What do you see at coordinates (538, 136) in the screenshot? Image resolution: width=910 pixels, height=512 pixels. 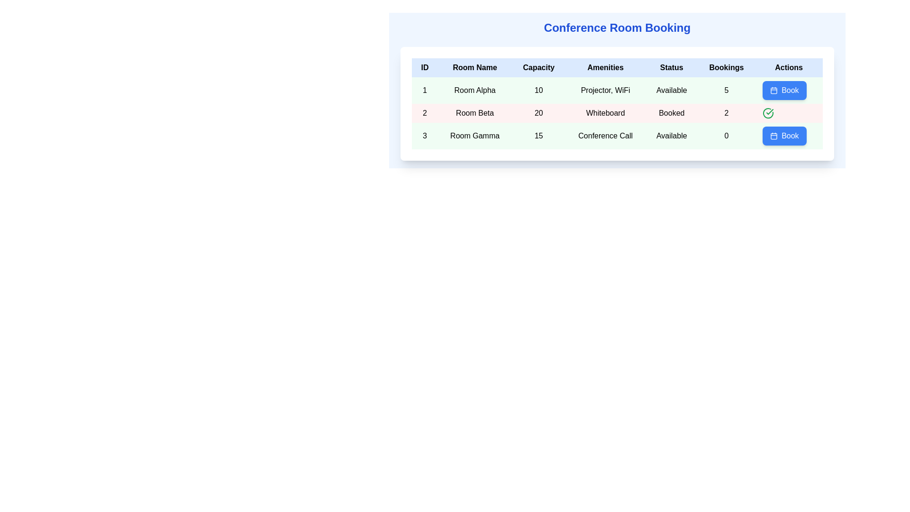 I see `the Text label displaying the number '15' in the 'Capacity' column of the table for 'Room Gamma'` at bounding box center [538, 136].